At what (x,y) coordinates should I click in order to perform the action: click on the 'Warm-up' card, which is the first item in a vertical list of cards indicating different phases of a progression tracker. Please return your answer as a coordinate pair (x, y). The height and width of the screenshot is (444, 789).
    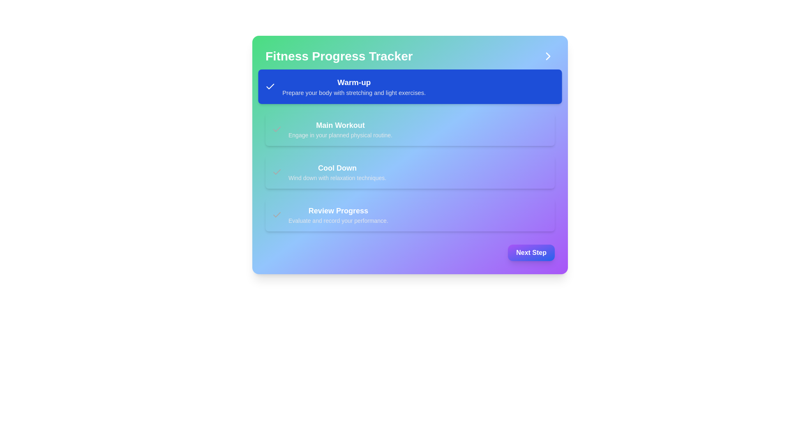
    Looking at the image, I should click on (410, 87).